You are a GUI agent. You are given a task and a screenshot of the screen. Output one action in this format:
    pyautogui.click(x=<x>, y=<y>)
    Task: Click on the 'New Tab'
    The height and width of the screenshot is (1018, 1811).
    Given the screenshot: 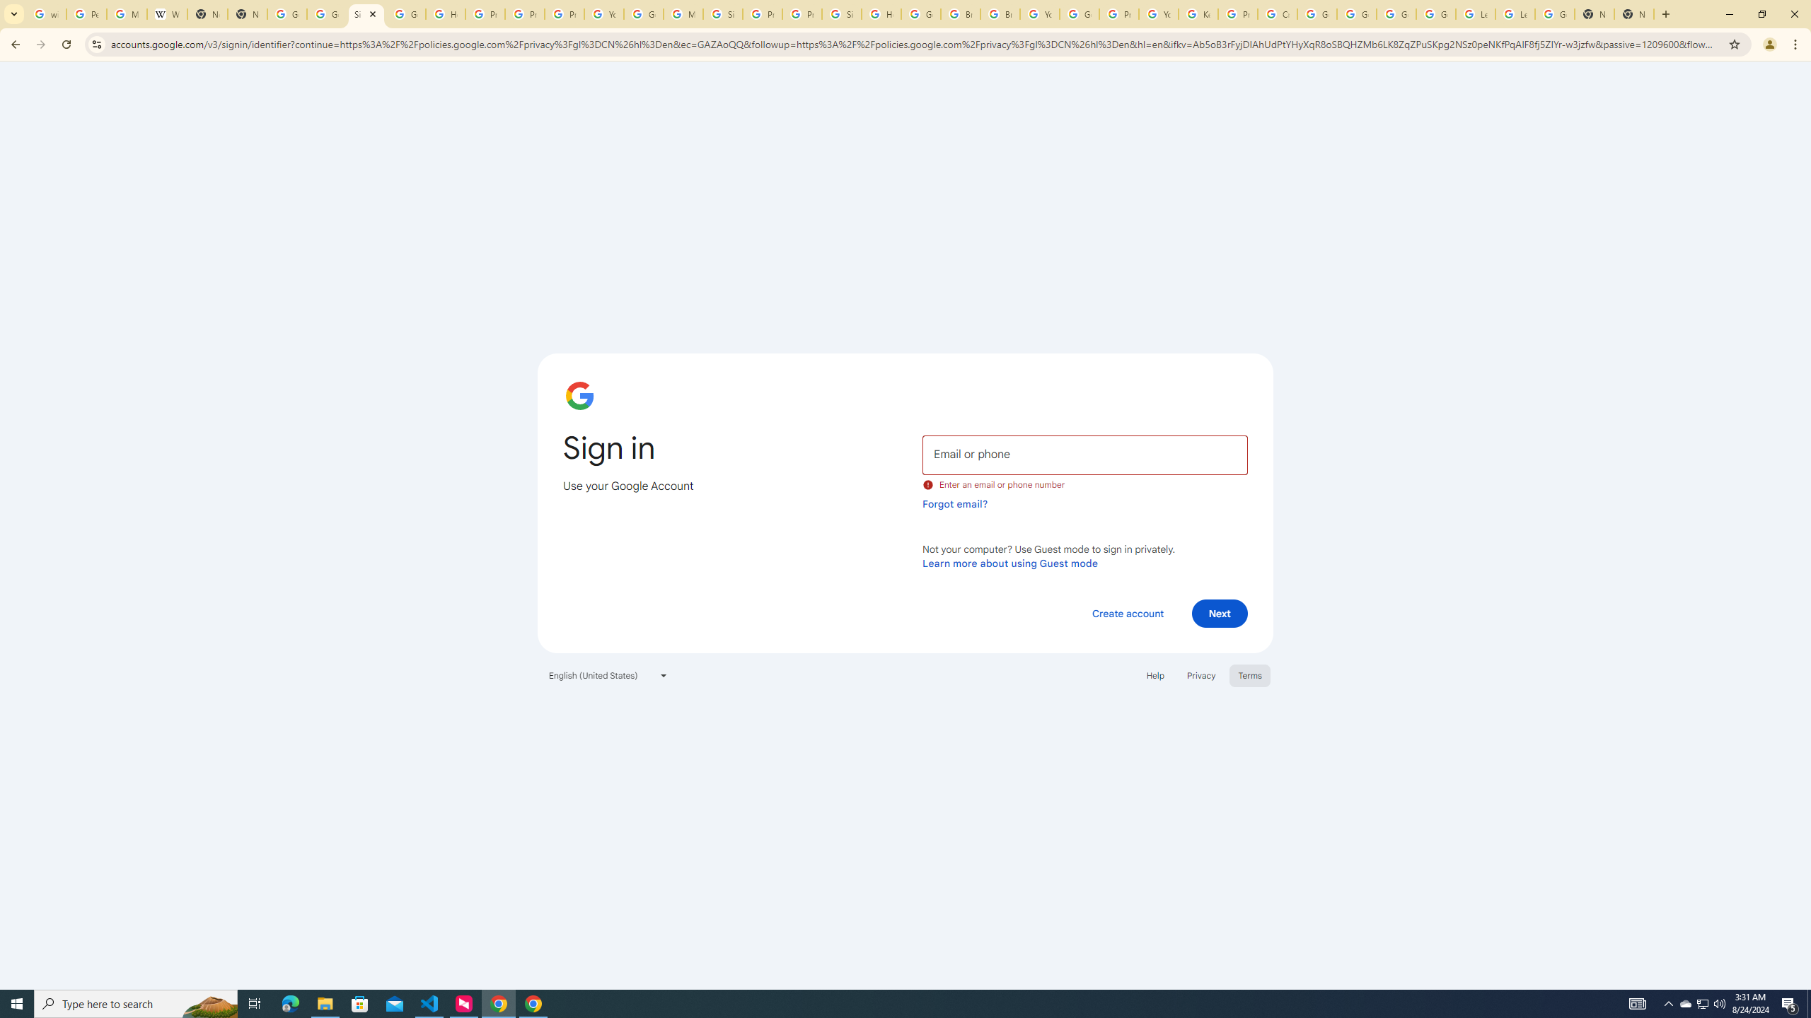 What is the action you would take?
    pyautogui.click(x=1634, y=13)
    